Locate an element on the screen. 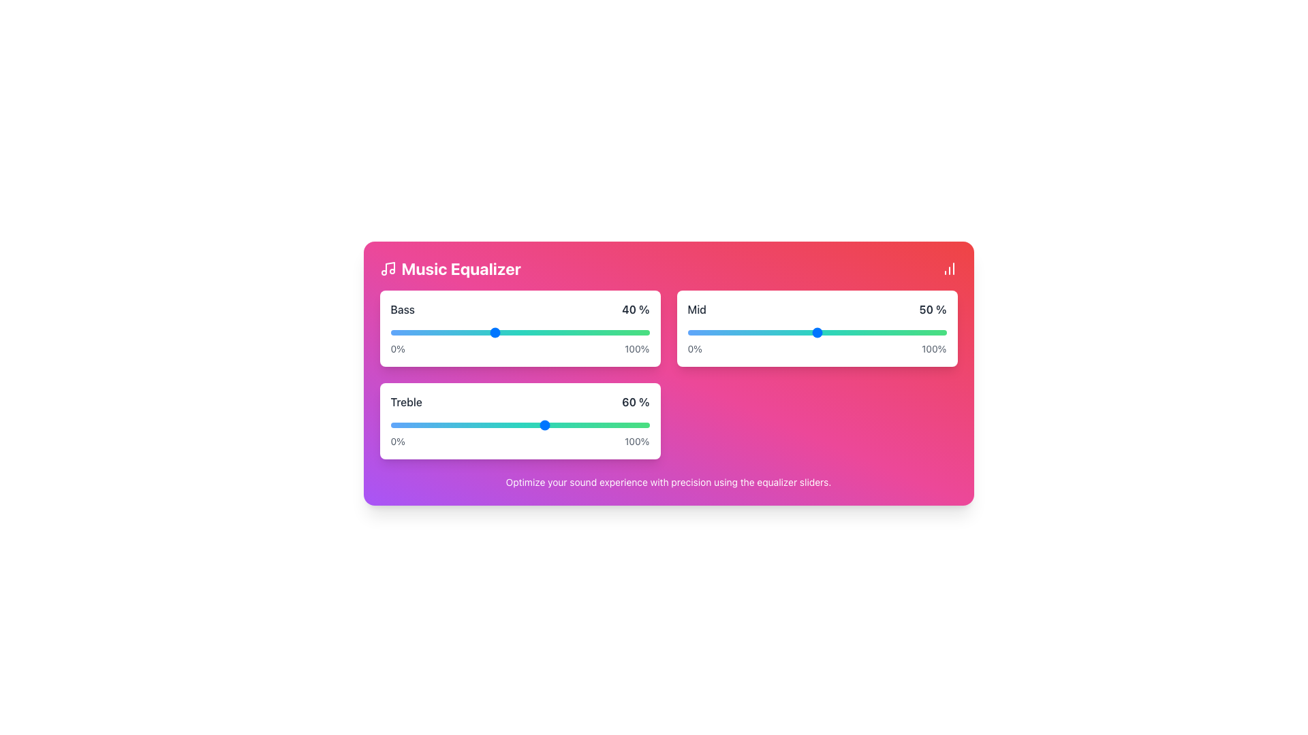 The width and height of the screenshot is (1308, 735). the Static Text Label displaying '100%' located at the right end of the slider component is located at coordinates (636, 348).